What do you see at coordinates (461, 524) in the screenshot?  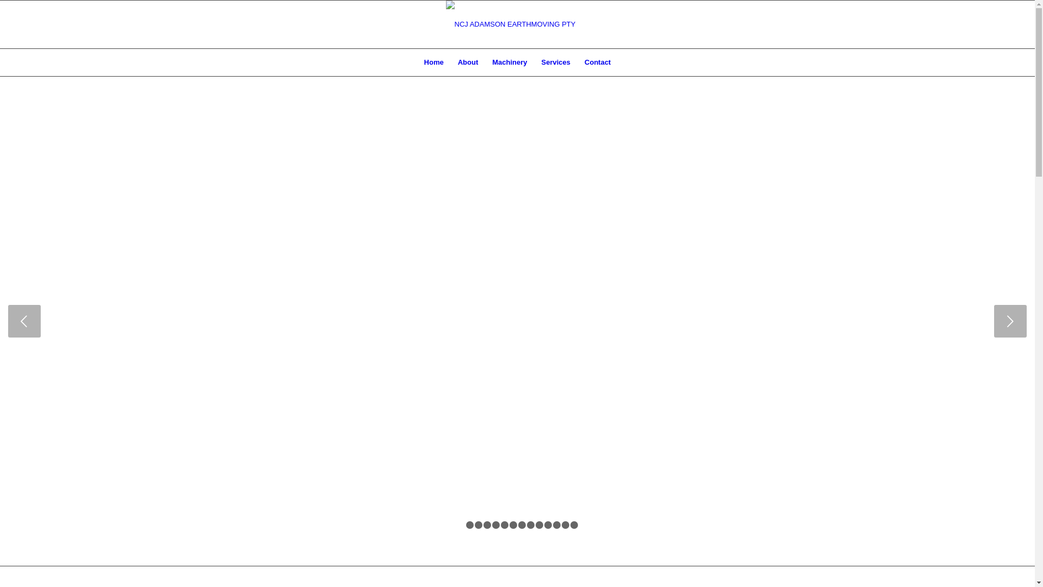 I see `'1'` at bounding box center [461, 524].